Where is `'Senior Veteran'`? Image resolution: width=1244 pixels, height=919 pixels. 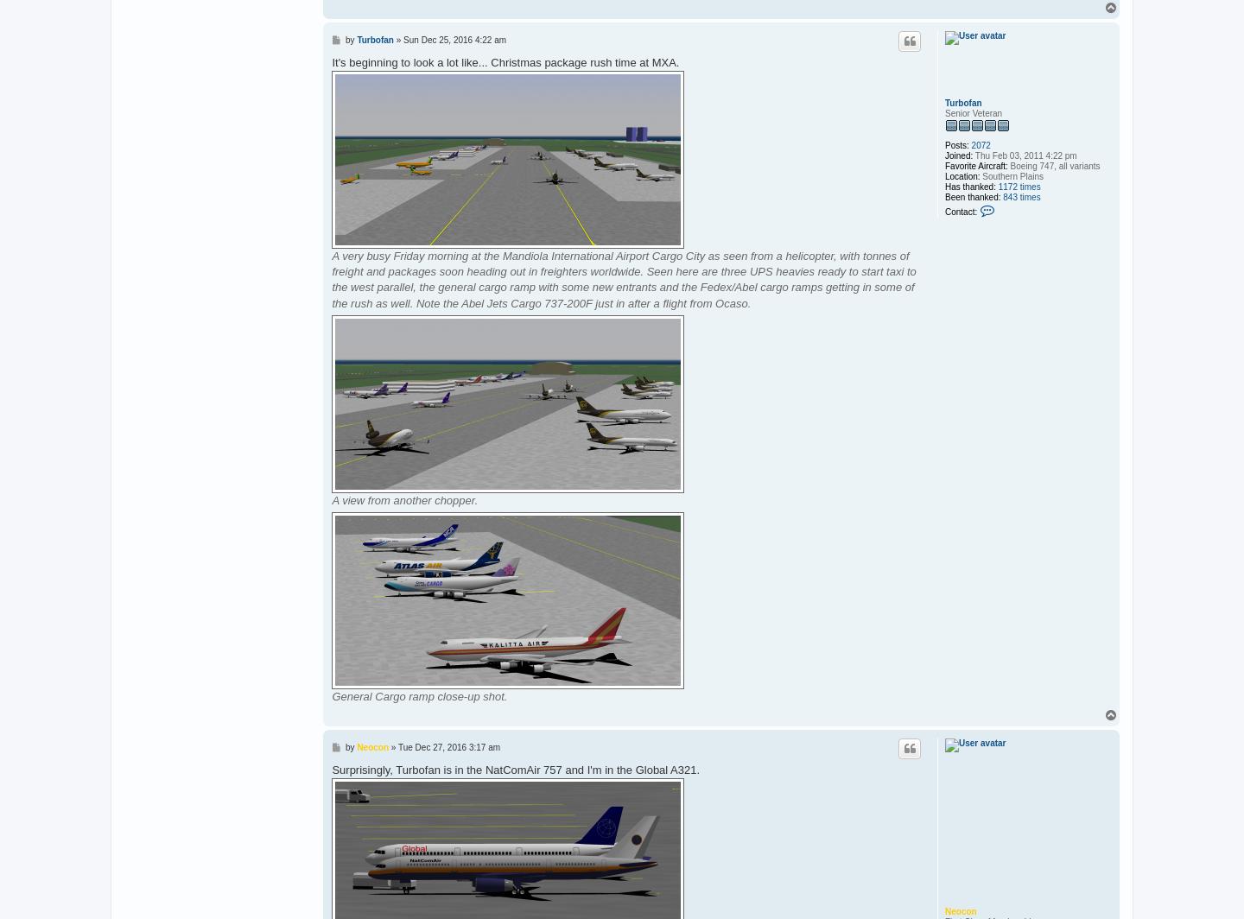
'Senior Veteran' is located at coordinates (943, 112).